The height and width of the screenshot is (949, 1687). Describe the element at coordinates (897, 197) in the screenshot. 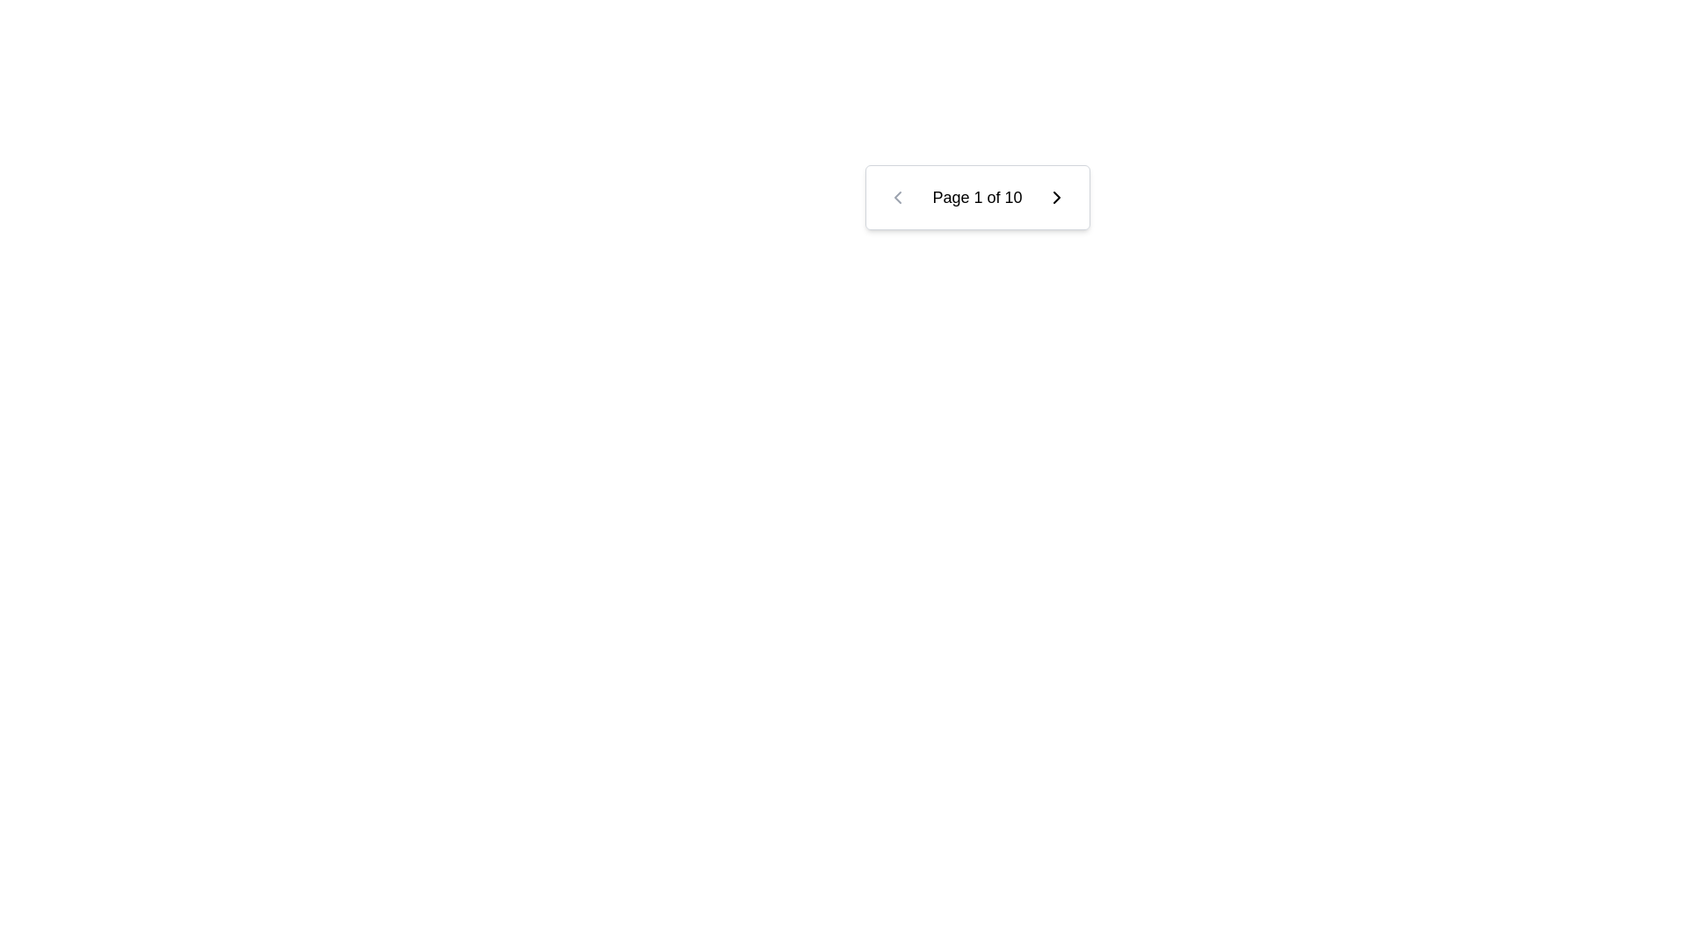

I see `the backward navigation icon located to the left of 'Page 1 of 10'` at that location.